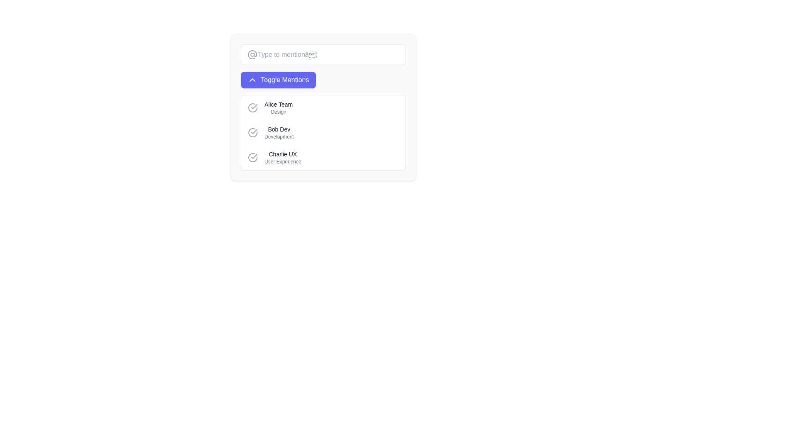 The height and width of the screenshot is (448, 796). I want to click on the gray circular icon associated with the 'Alice Team' entry in the dropdown list, so click(252, 107).